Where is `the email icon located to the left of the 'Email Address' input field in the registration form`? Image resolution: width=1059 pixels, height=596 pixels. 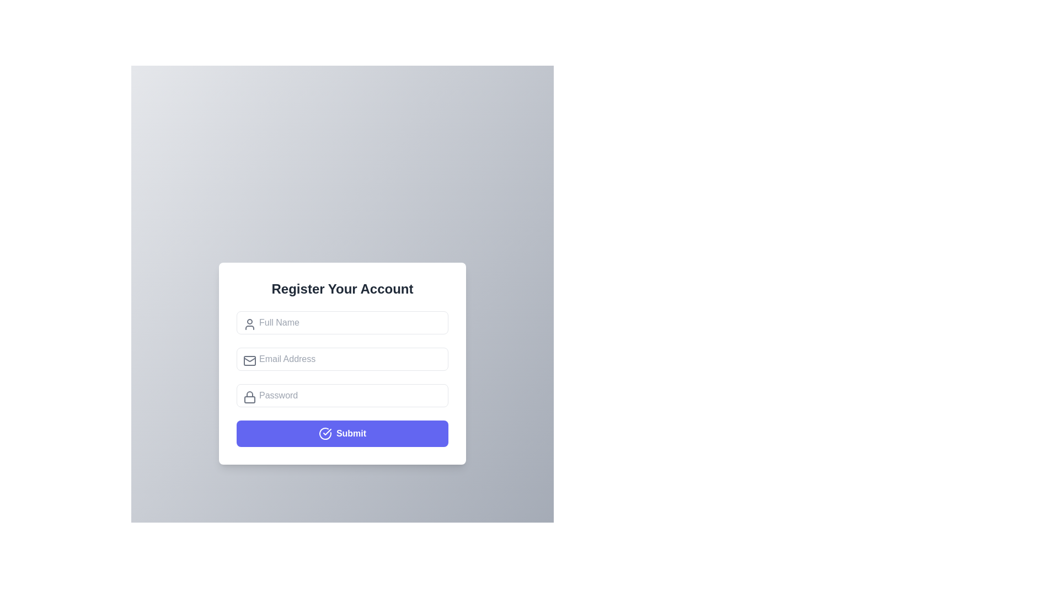
the email icon located to the left of the 'Email Address' input field in the registration form is located at coordinates (249, 360).